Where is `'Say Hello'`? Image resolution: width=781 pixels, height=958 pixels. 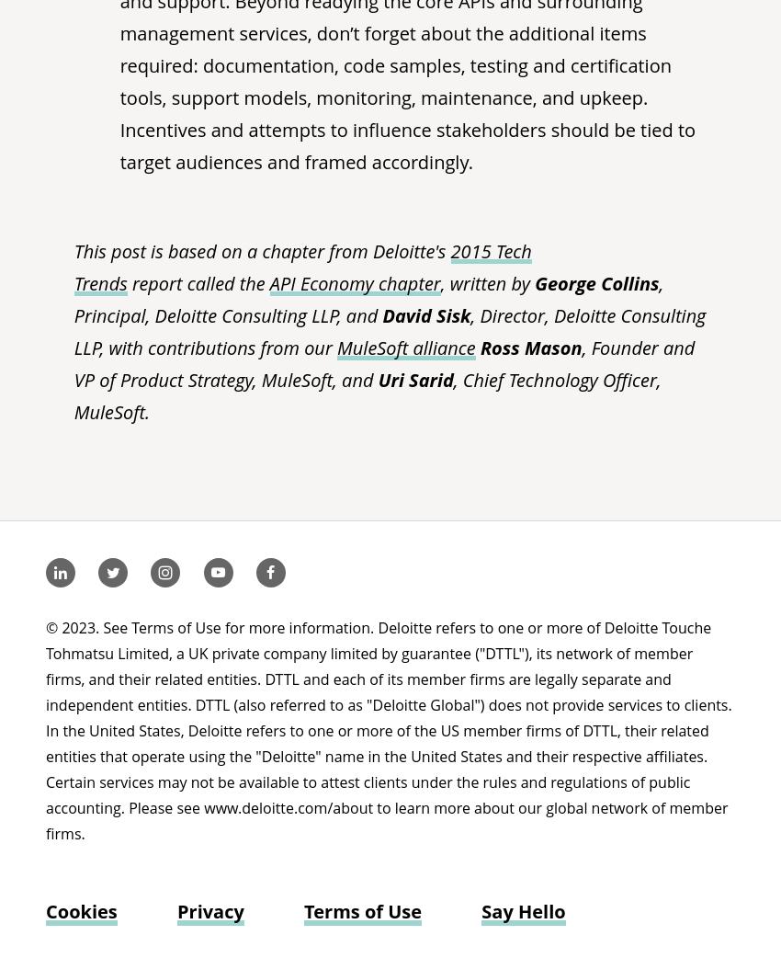 'Say Hello' is located at coordinates (523, 910).